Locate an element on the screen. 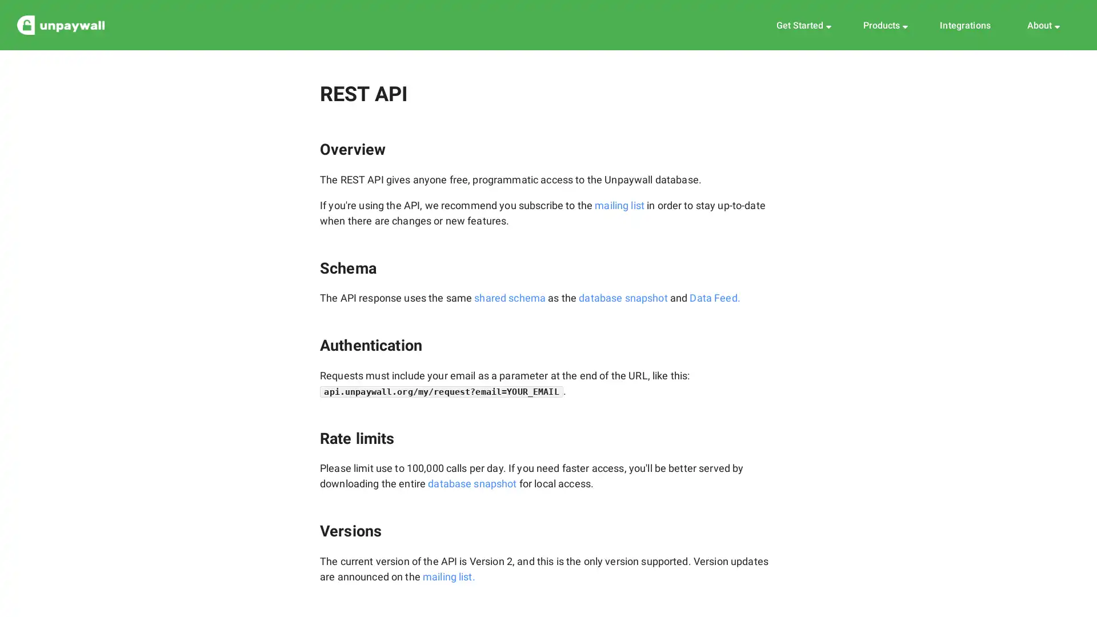 The height and width of the screenshot is (617, 1097). About is located at coordinates (1043, 25).